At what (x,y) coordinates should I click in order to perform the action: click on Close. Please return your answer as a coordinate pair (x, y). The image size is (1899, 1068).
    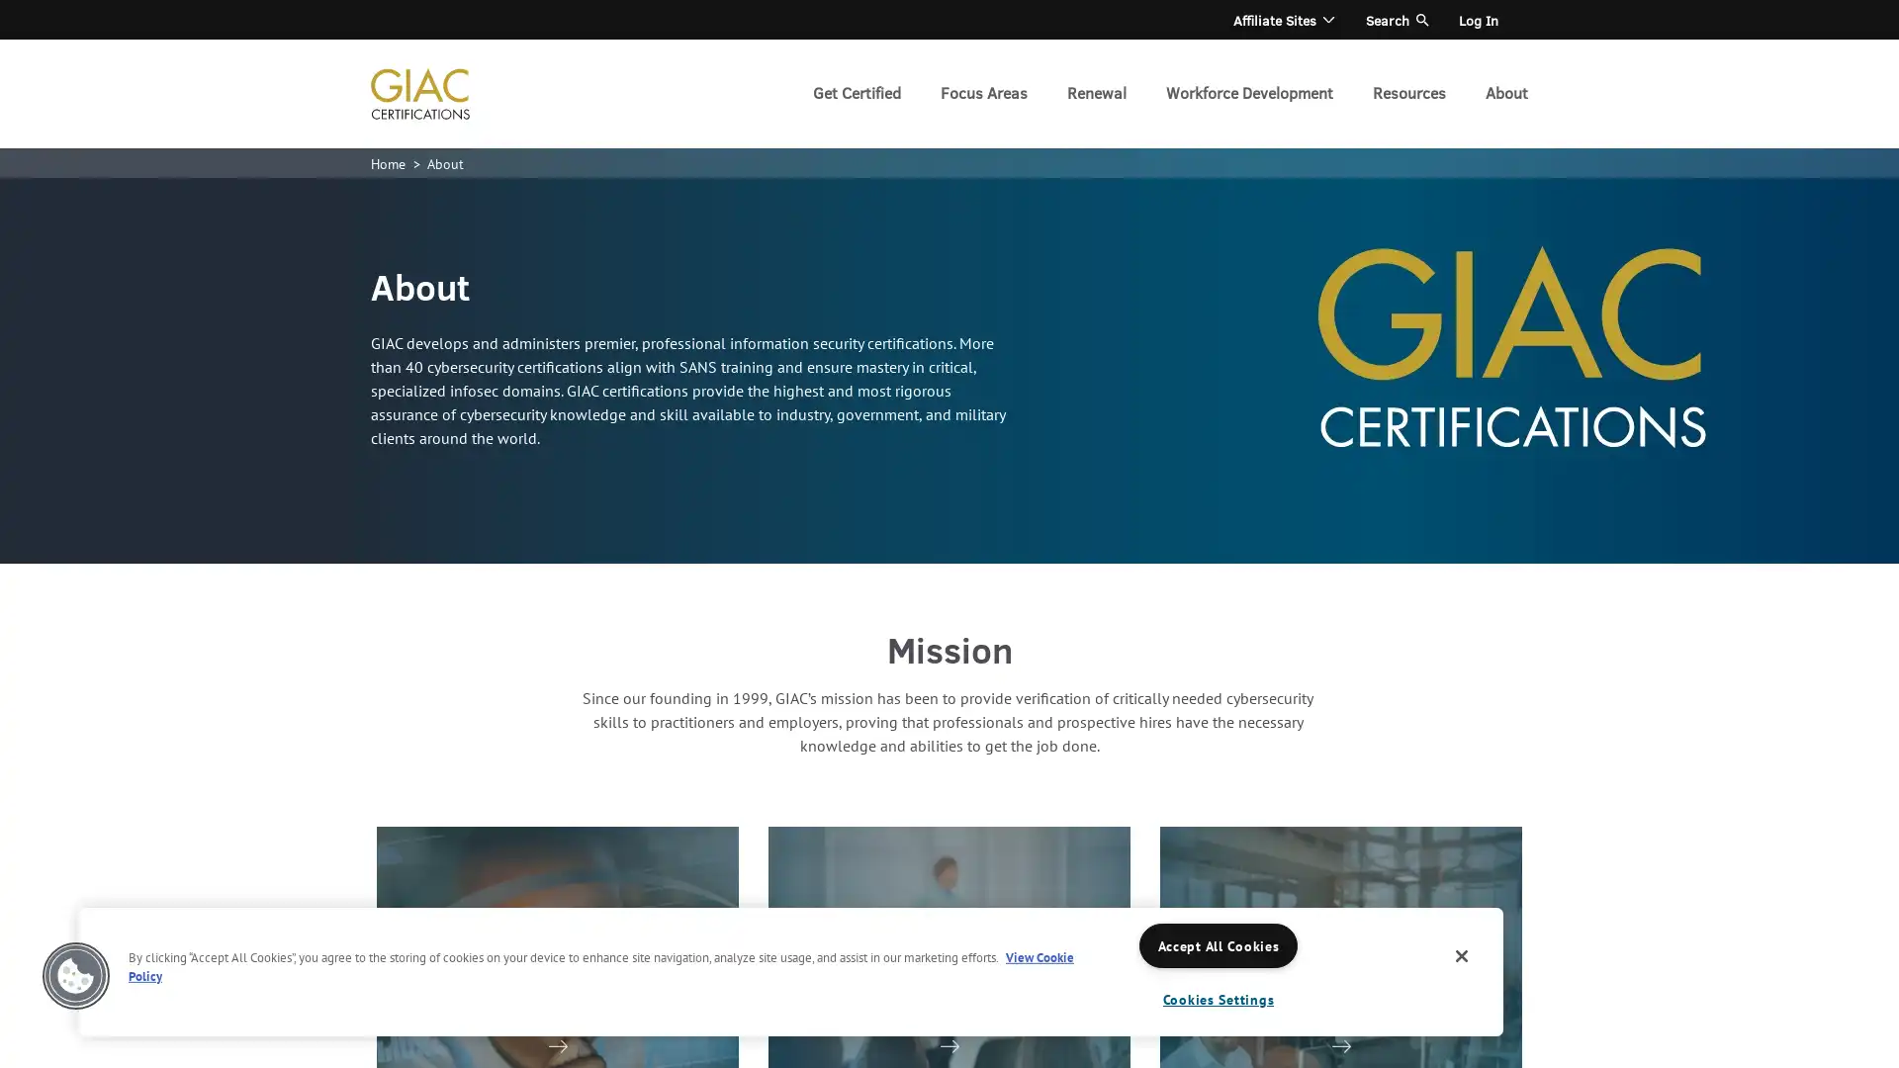
    Looking at the image, I should click on (1462, 955).